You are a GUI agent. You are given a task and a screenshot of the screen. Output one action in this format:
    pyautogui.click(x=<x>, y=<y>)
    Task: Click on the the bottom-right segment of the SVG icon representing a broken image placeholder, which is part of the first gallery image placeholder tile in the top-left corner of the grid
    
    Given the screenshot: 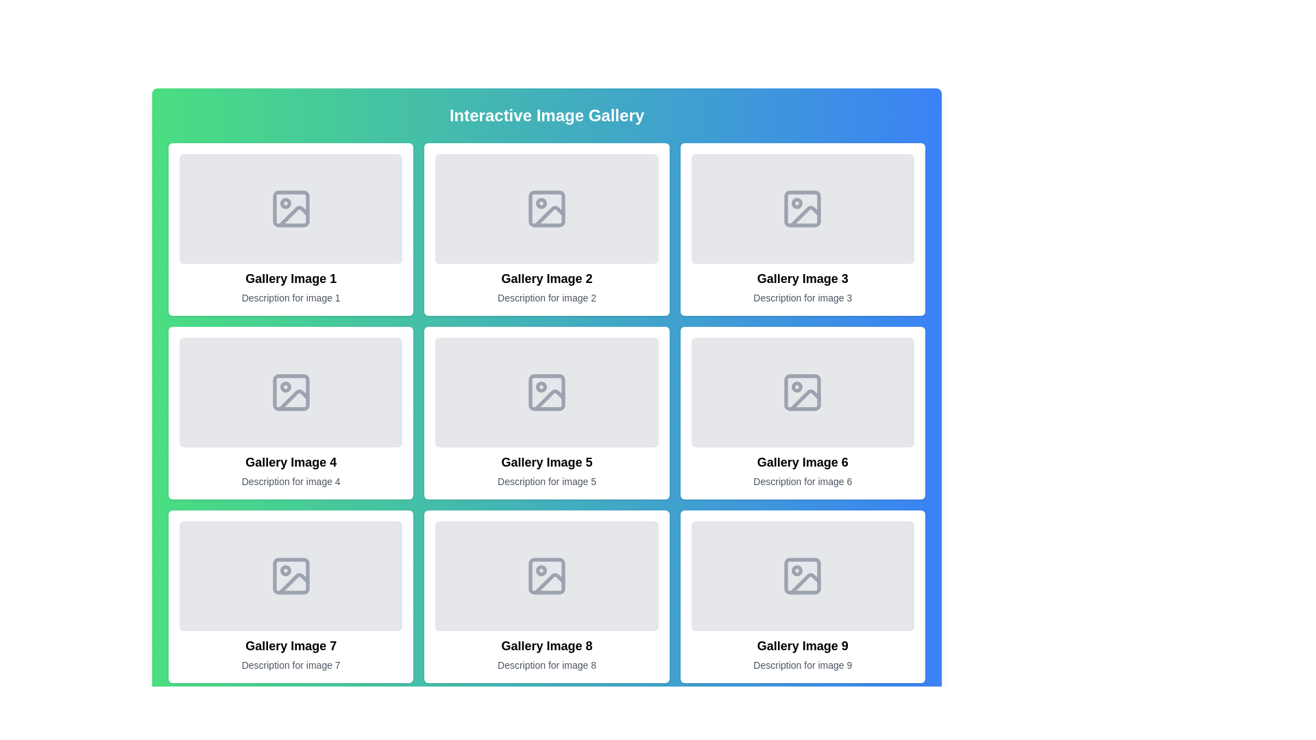 What is the action you would take?
    pyautogui.click(x=293, y=216)
    